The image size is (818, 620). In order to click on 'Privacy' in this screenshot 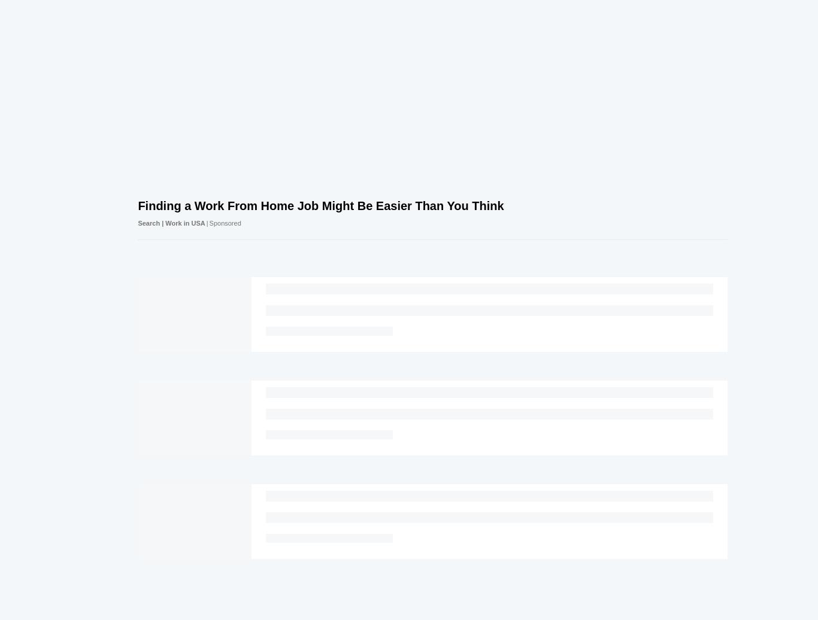, I will do `click(440, 604)`.